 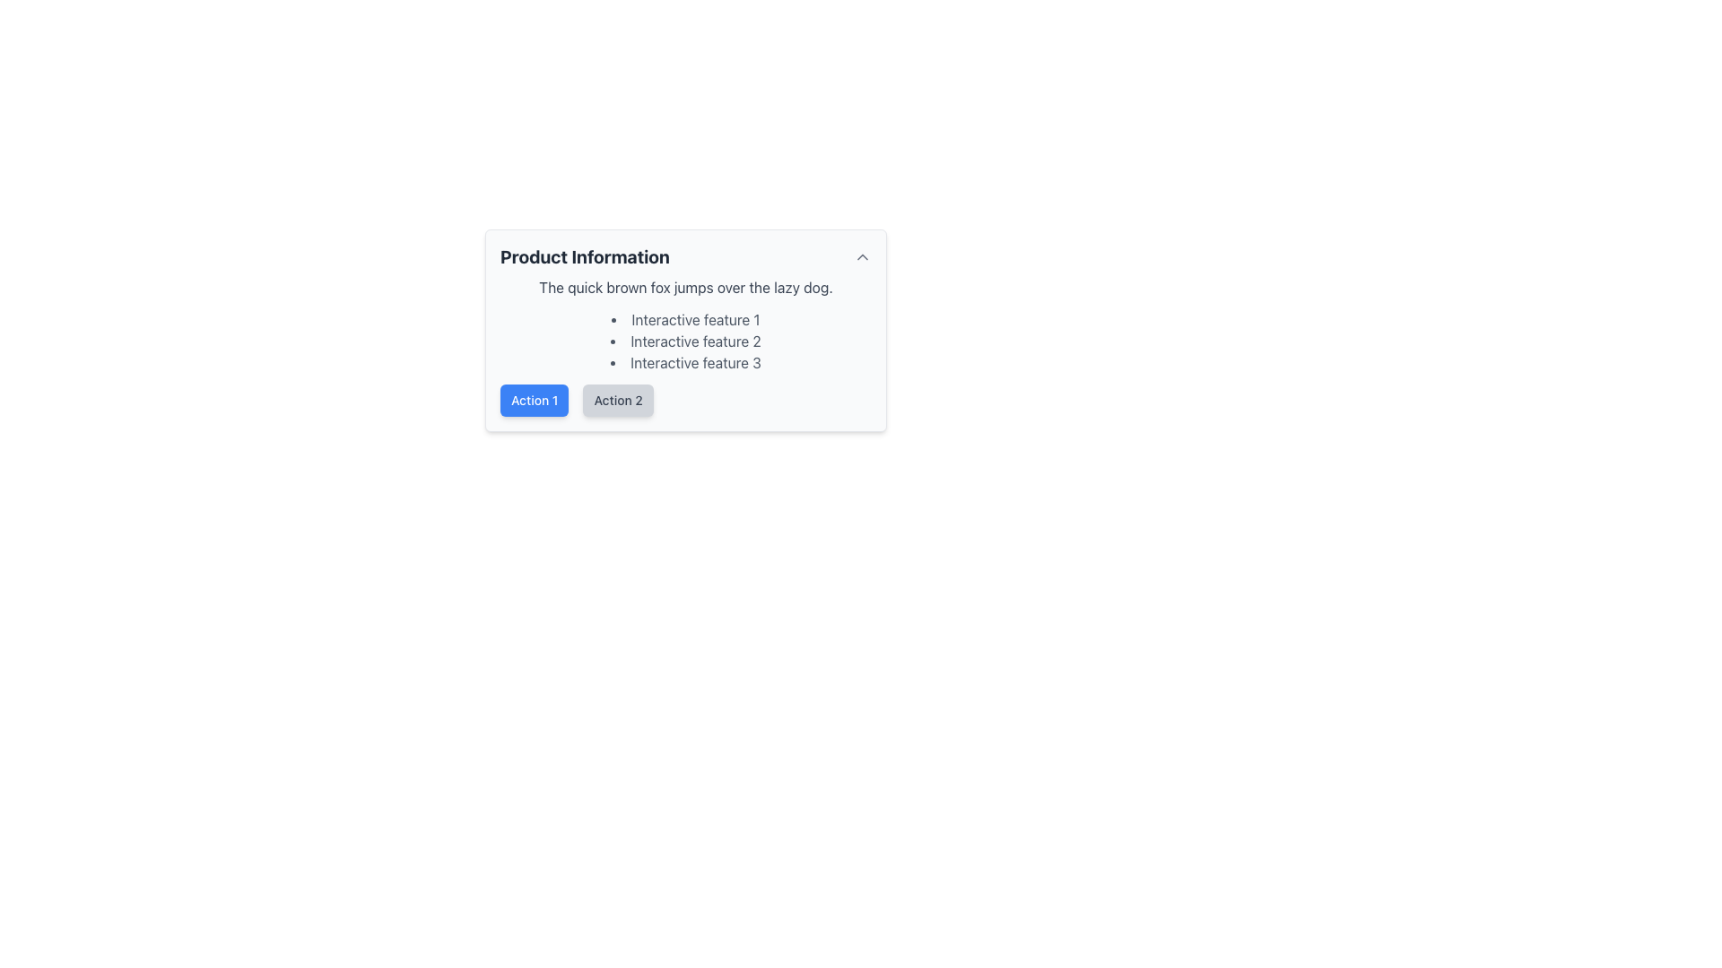 I want to click on the text block displaying 'The quick brown fox jumps over the lazy dog.' located below the 'Product Information' header, so click(x=684, y=286).